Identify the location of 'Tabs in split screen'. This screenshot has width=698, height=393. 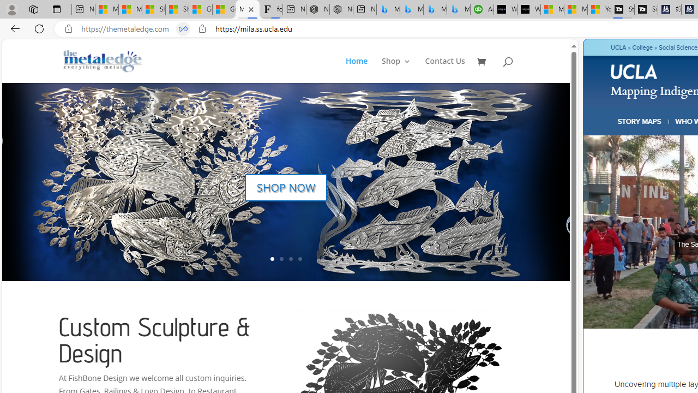
(183, 28).